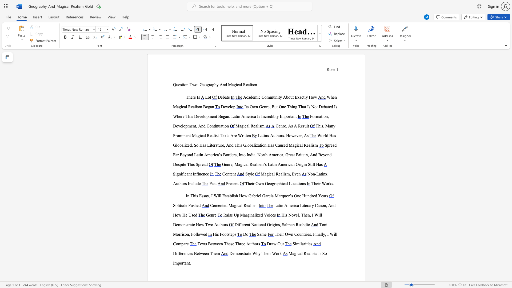 The width and height of the screenshot is (512, 288). I want to click on the subset text "ly Importa" within the text "Its Own Genre, But One Thing That Is Not Debated Is Where This Development Began. Latin America Is Incredibly Important", so click(275, 116).